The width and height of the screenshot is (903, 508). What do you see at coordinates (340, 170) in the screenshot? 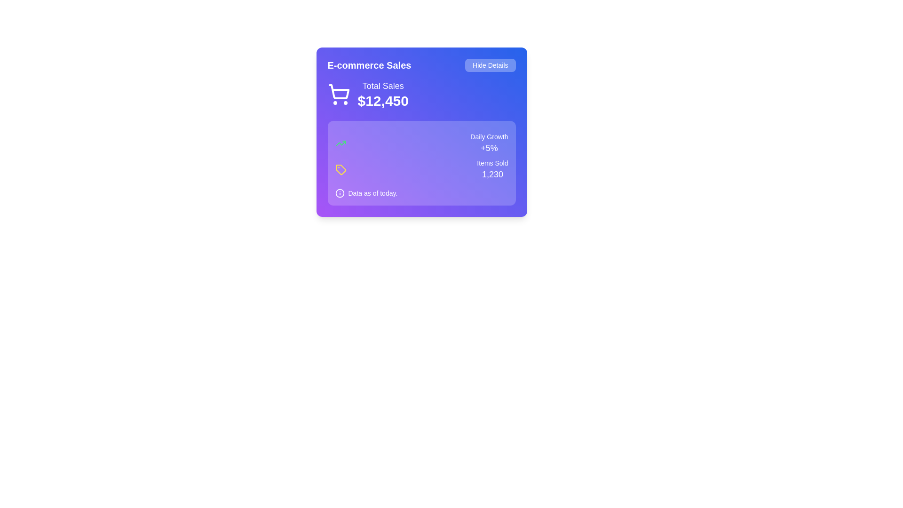
I see `the tag-shaped icon outlined in yellow, located to the left of the text 'Items Sold 1,230'` at bounding box center [340, 170].